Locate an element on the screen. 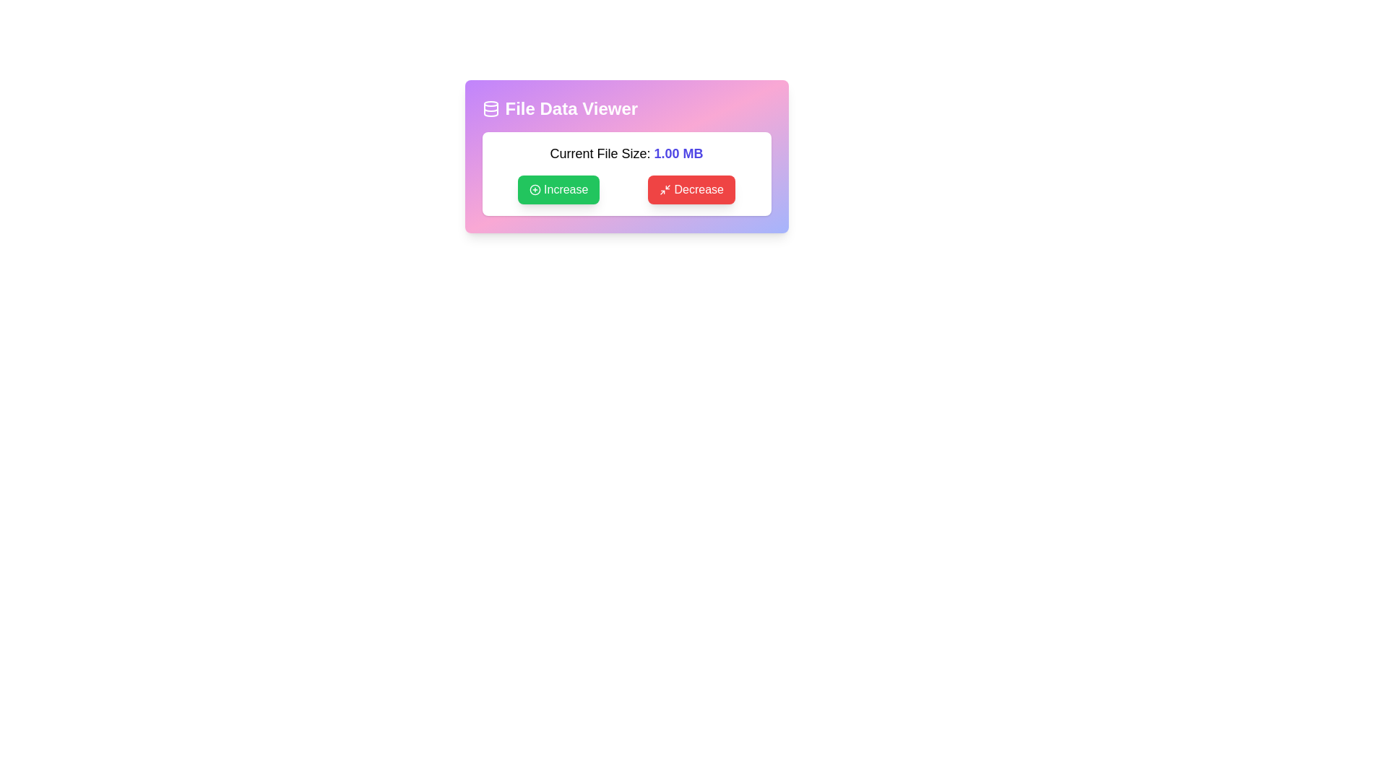 This screenshot has width=1387, height=780. text label displaying 'File Data Viewer', which is a bold, white font positioned to the right of a database icon at the top-left corner of a card is located at coordinates (571, 108).